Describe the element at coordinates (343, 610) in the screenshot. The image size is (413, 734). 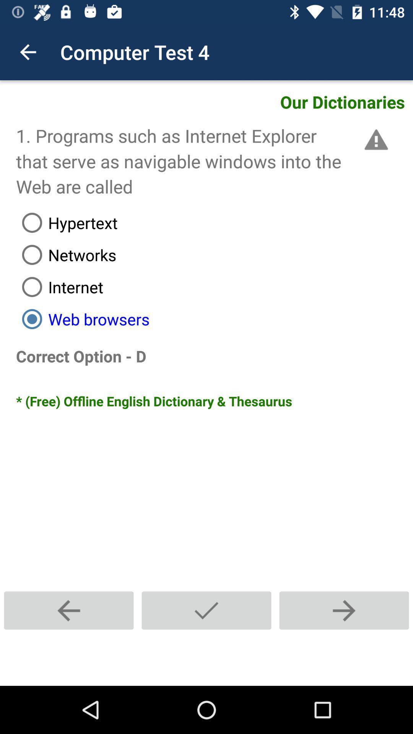
I see `item below the free offline english item` at that location.